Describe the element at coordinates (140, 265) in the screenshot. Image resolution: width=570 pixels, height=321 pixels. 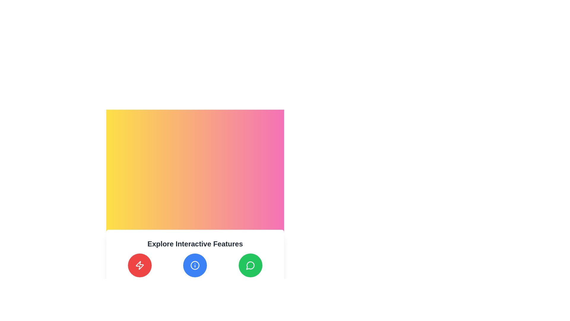
I see `the energy-related icon located in the lower-left corner of the red circular button under the 'Explore Interactive Features' label` at that location.